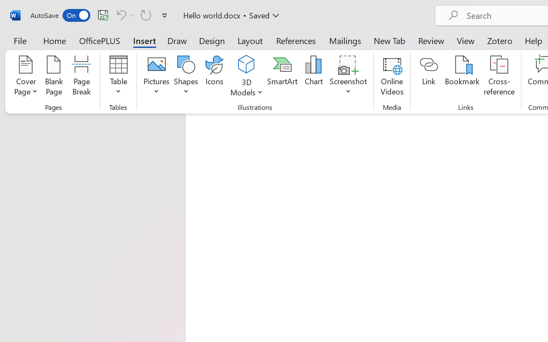  Describe the element at coordinates (246, 77) in the screenshot. I see `'3D Models'` at that location.